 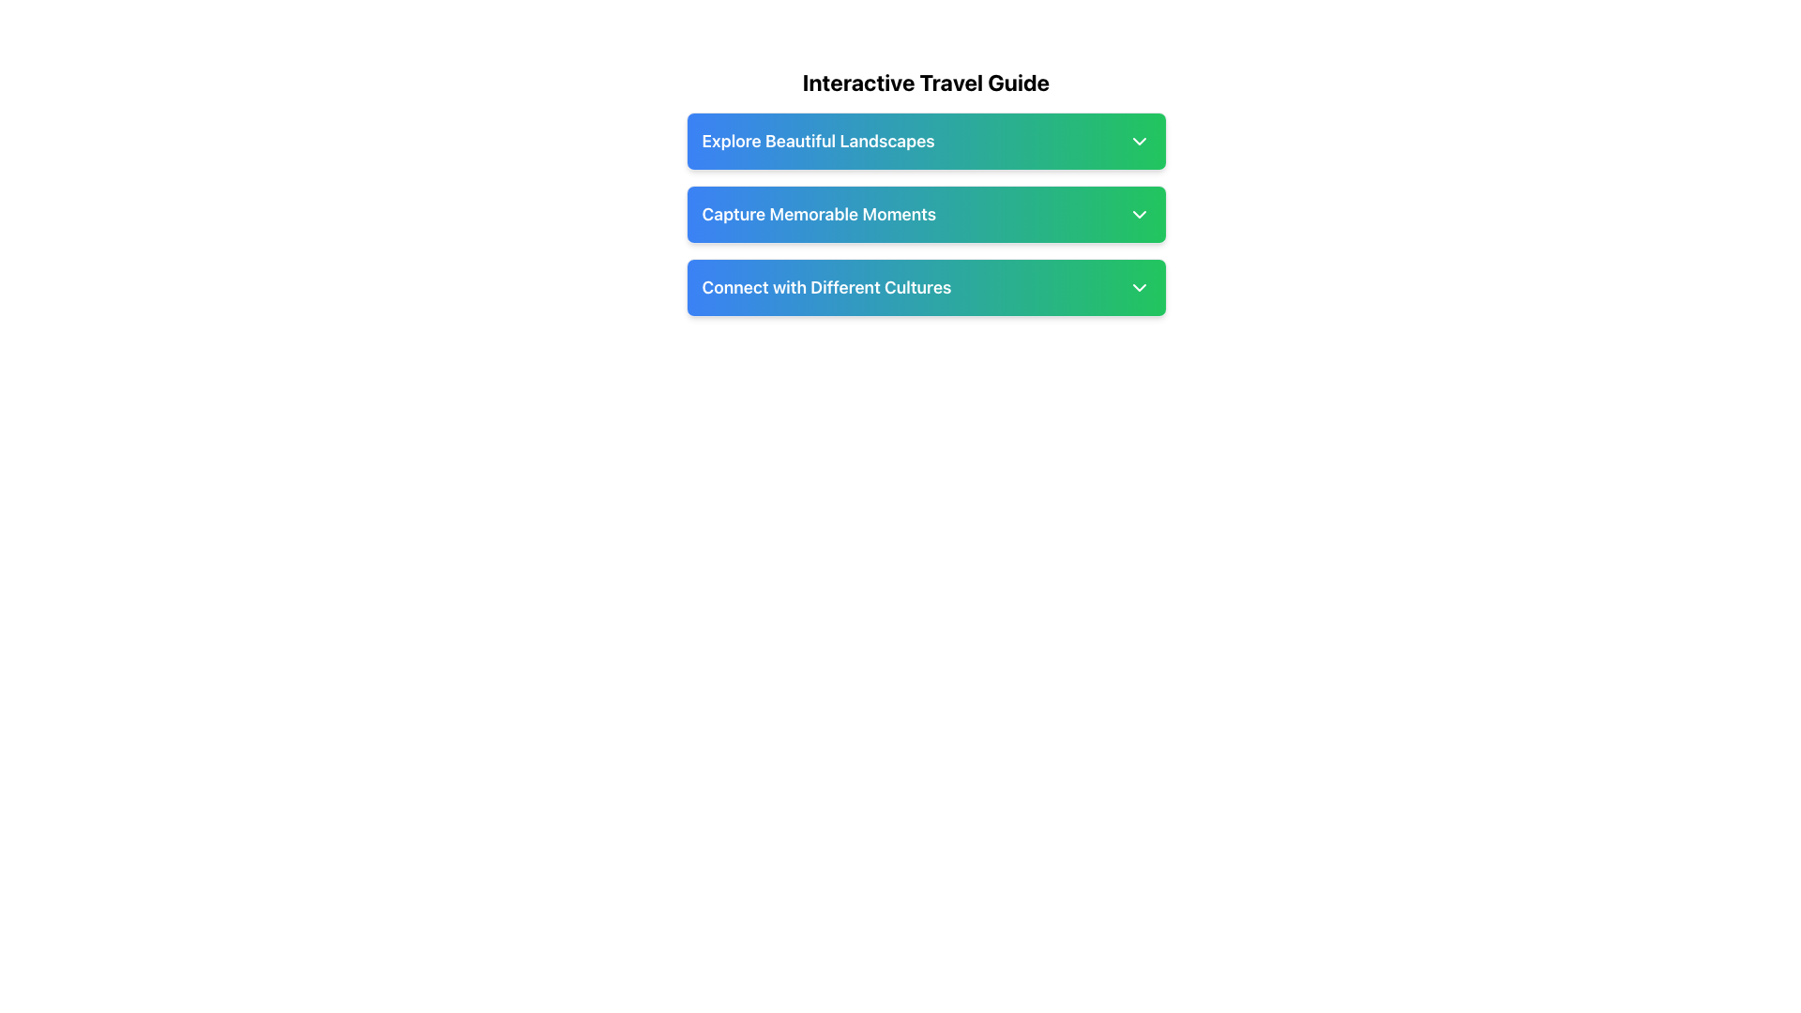 What do you see at coordinates (926, 213) in the screenshot?
I see `the second button that triggers the reveal of additional options related to 'Capture Memorable Moments'` at bounding box center [926, 213].